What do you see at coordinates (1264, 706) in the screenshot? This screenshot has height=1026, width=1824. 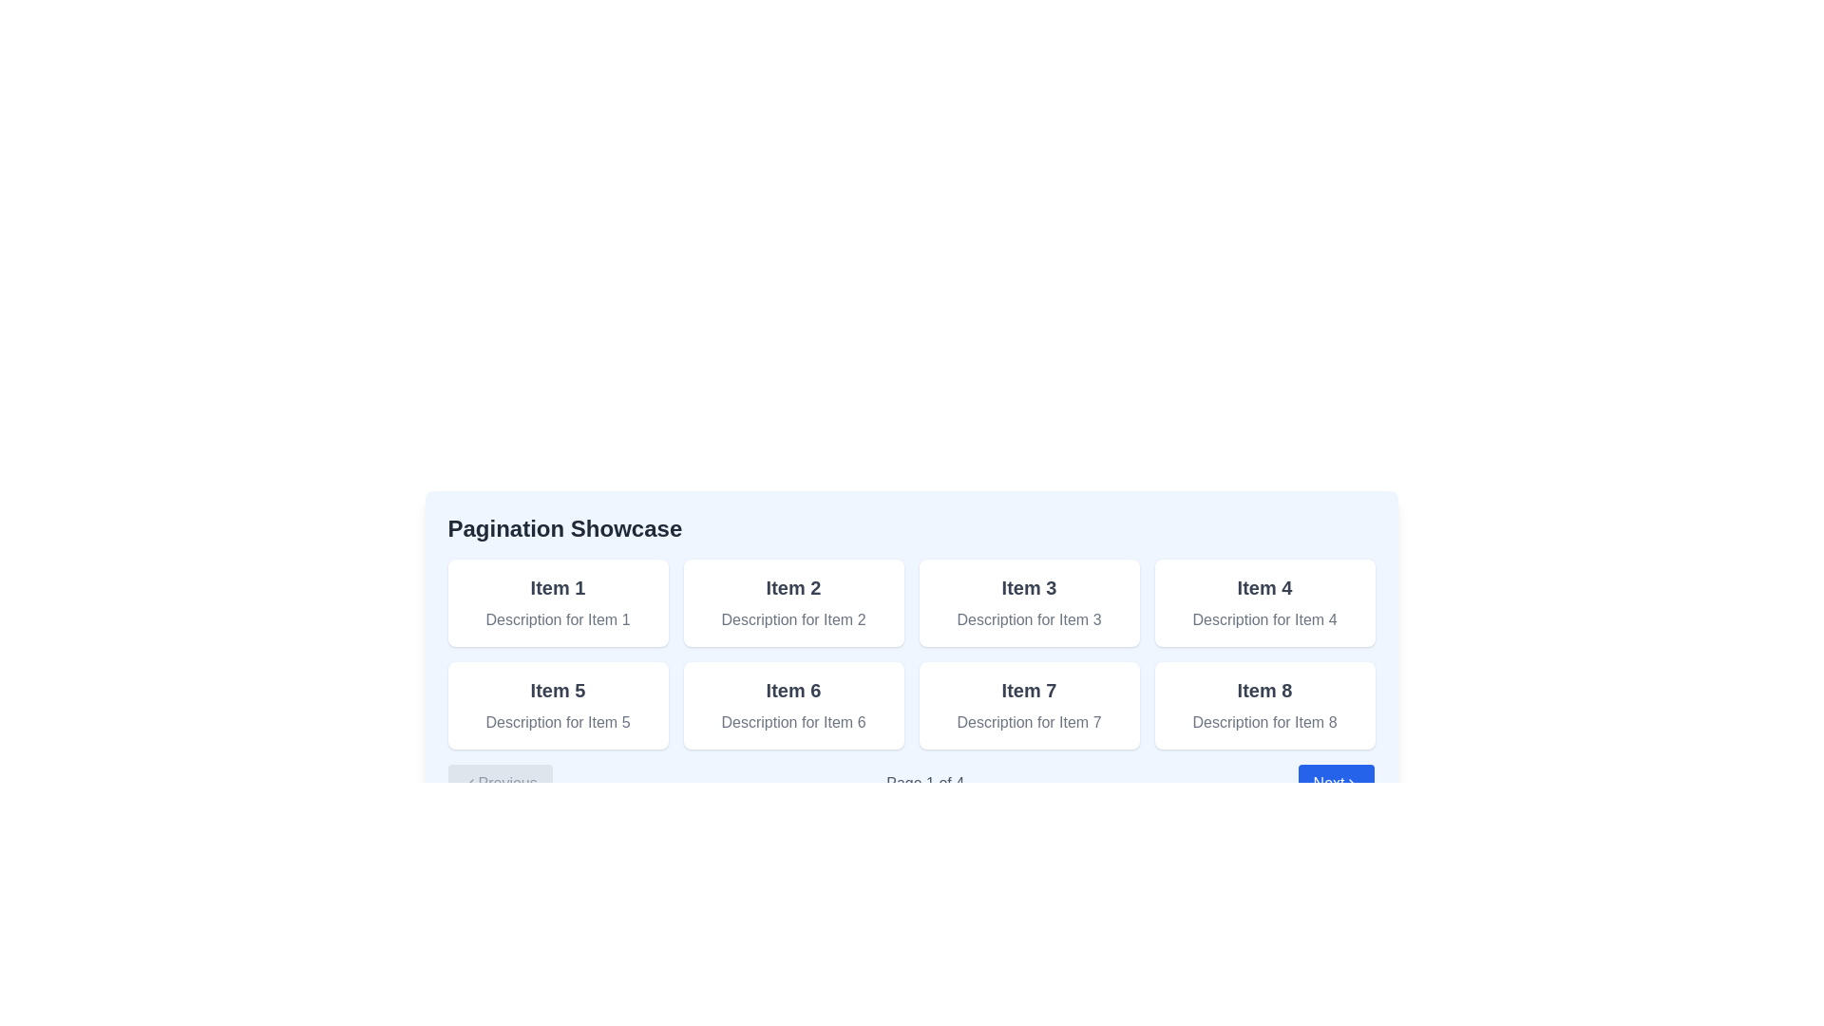 I see `the Information Card located at the bottom-right corner of the grid, which is the last element in a two-row, four-column layout, to trigger visual effects` at bounding box center [1264, 706].